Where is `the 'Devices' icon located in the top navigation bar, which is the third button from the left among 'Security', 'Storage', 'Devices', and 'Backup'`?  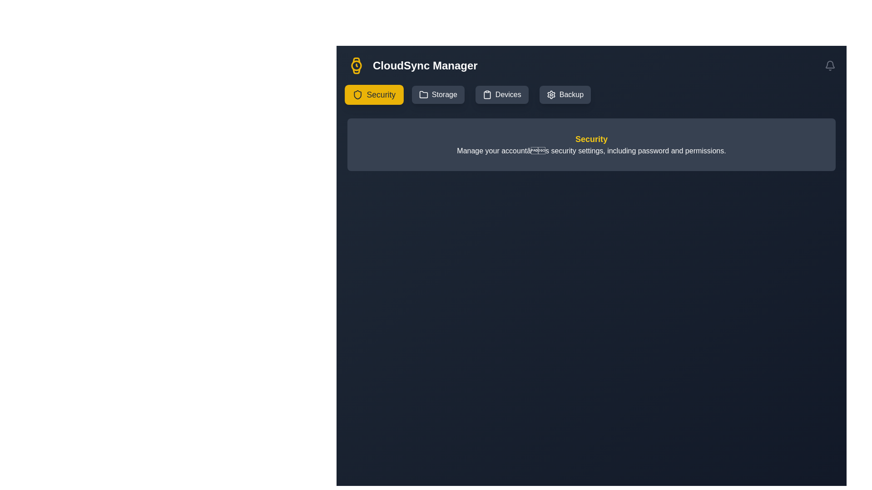
the 'Devices' icon located in the top navigation bar, which is the third button from the left among 'Security', 'Storage', 'Devices', and 'Backup' is located at coordinates (486, 95).